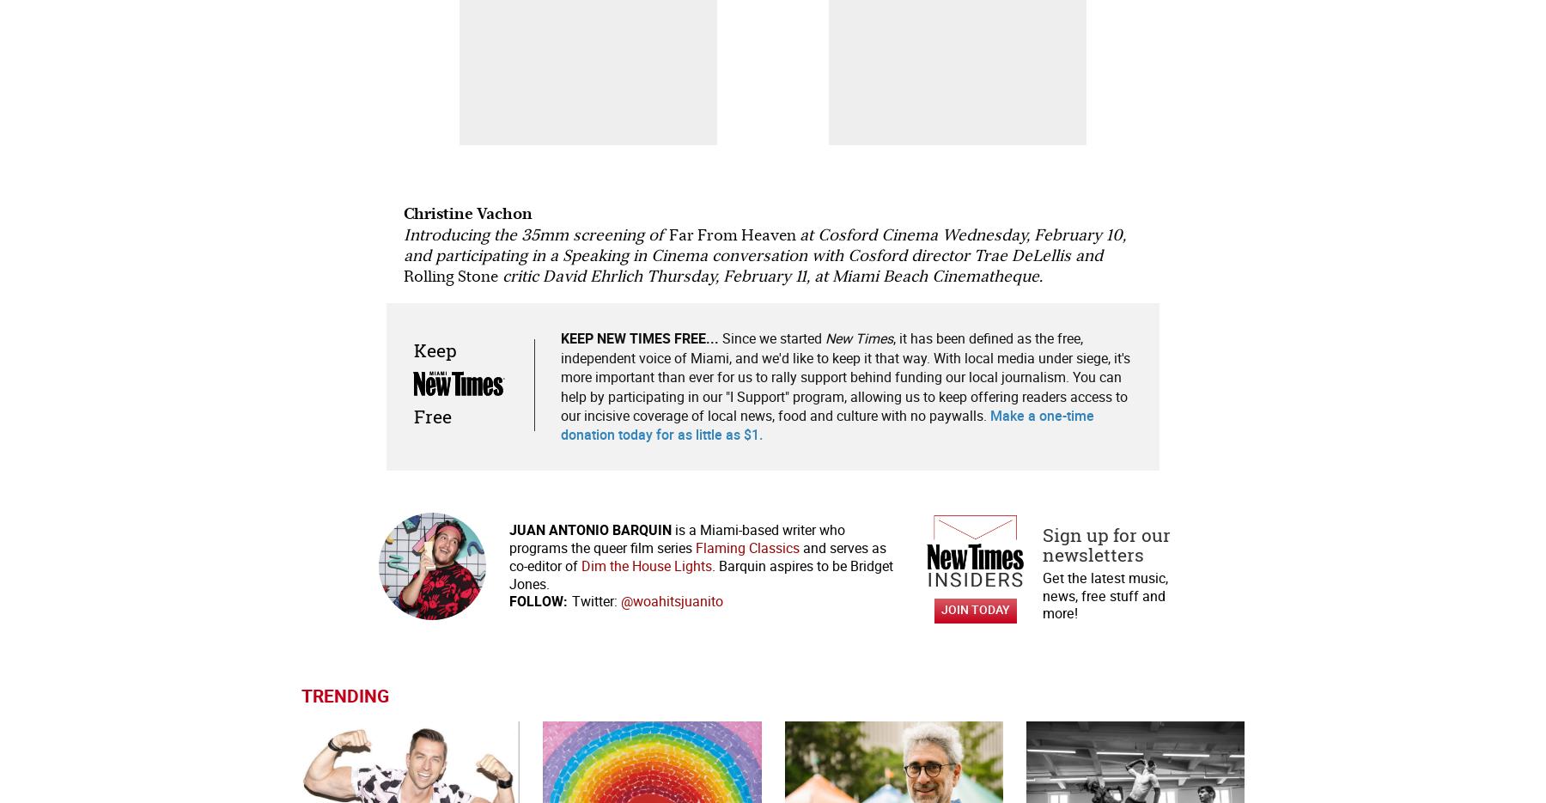  I want to click on 'Twitter:', so click(593, 600).